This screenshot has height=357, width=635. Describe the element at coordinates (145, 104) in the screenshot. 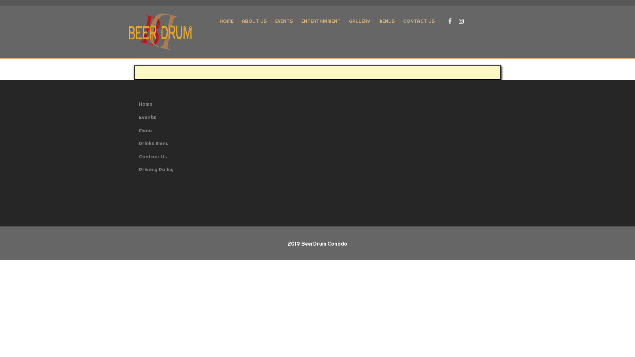

I see `'Home'` at that location.